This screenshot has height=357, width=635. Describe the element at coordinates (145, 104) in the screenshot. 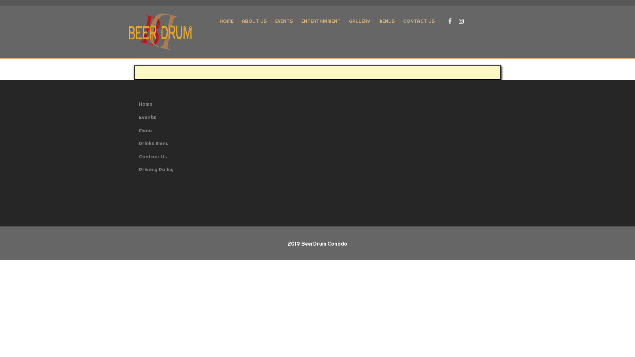

I see `'Home'` at that location.